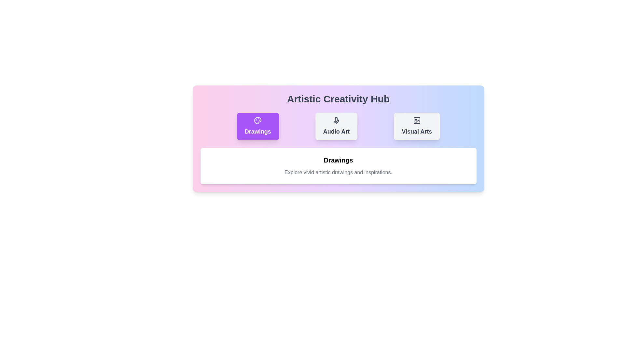 The height and width of the screenshot is (351, 625). Describe the element at coordinates (417, 126) in the screenshot. I see `the tab labeled Visual Arts` at that location.